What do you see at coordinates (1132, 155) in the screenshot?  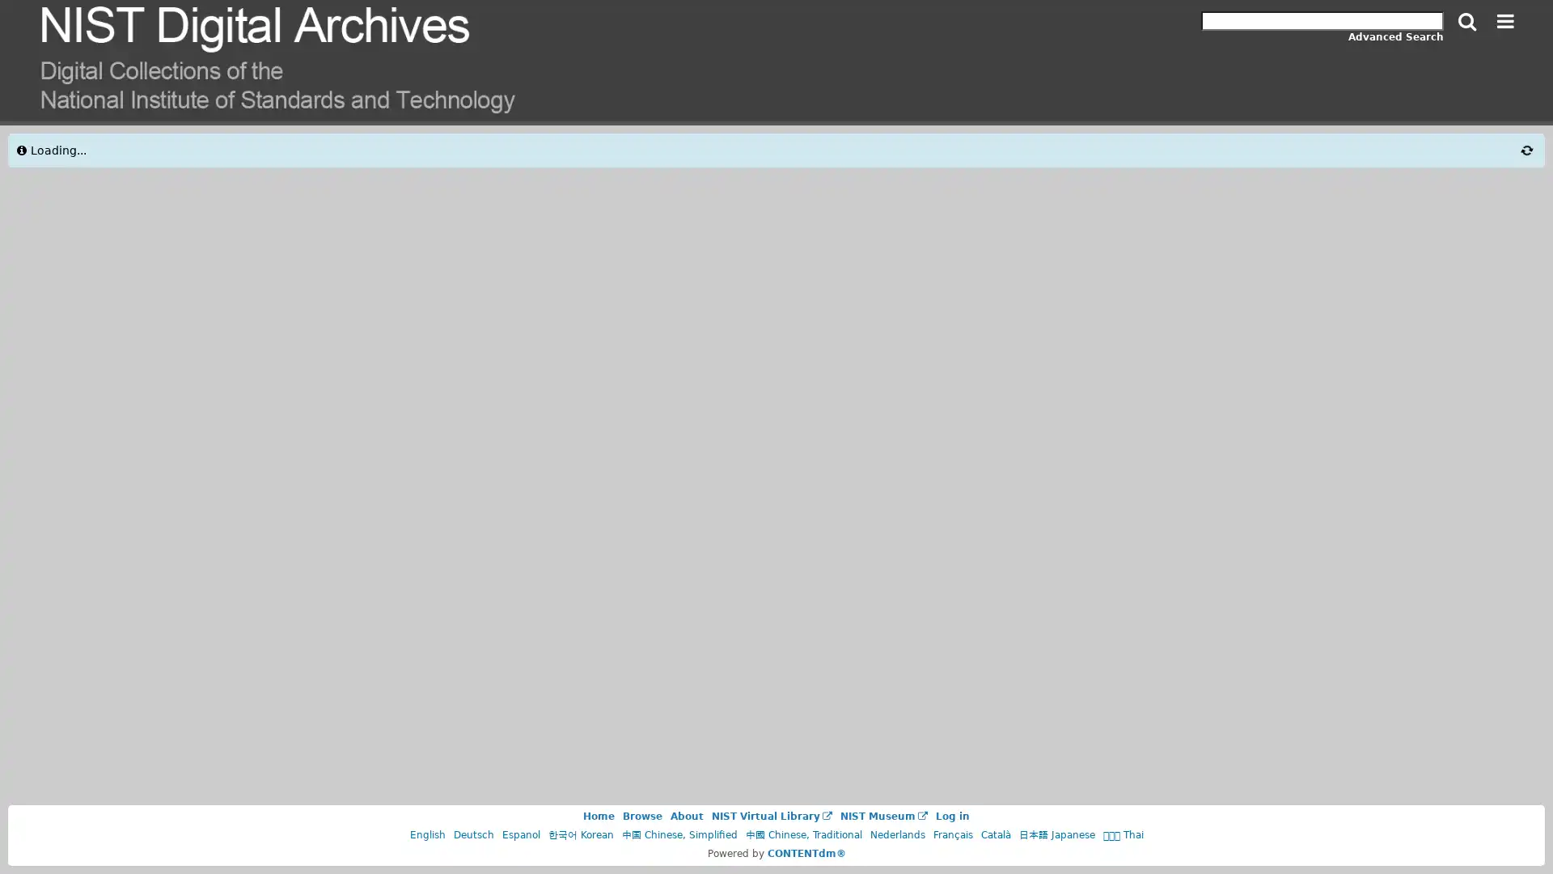 I see `list view` at bounding box center [1132, 155].